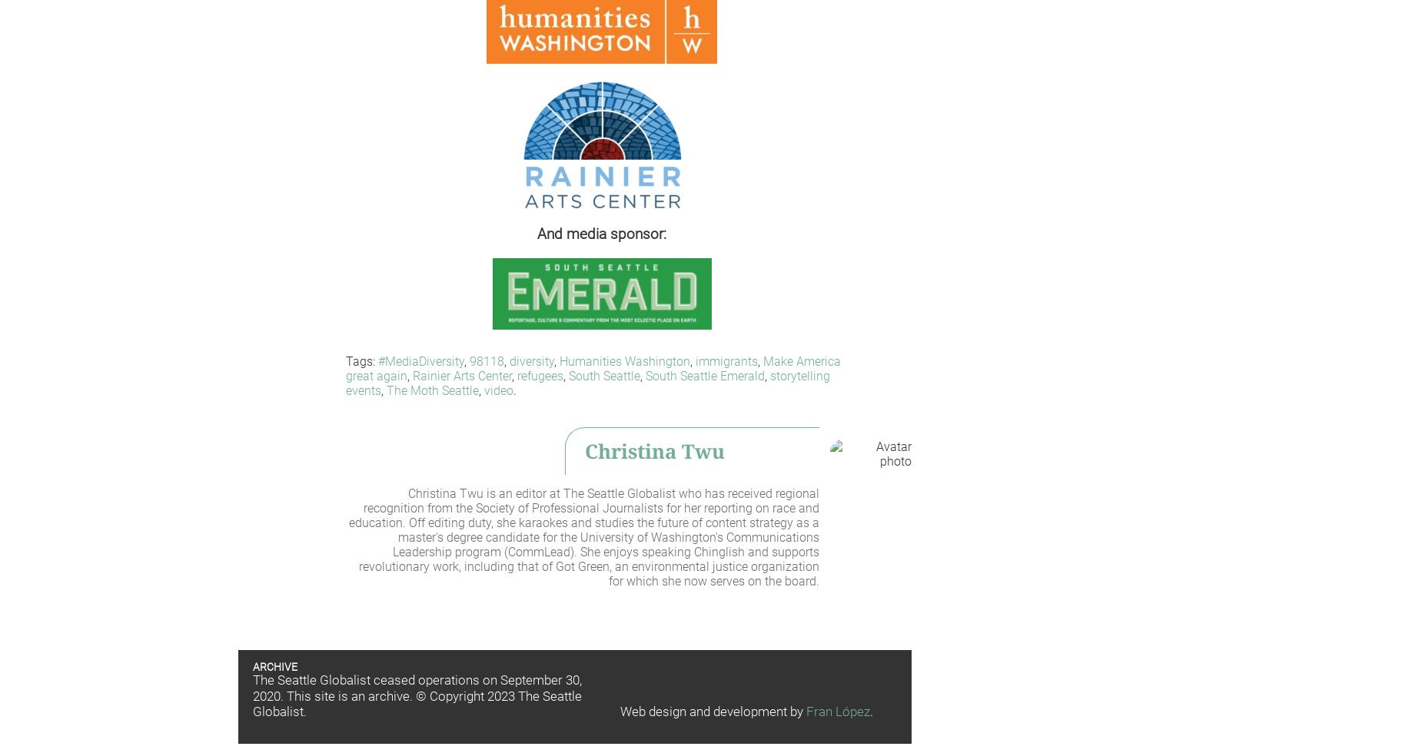 The width and height of the screenshot is (1422, 753). Describe the element at coordinates (583, 537) in the screenshot. I see `'Christina Twu is an editor at The Seattle Globalist who has received regional recognition from the Society of Professional Journalists for her reporting on race and education. Off editing duty, she karaokes and studies the future of content strategy as a master's degree candidate for the University of Washington's Communications Leadership program (CommLead). She enjoys speaking Chinglish and supports revolutionary work, including that of Got Green, an environmental justice organization for which she now serves on the board.'` at that location.